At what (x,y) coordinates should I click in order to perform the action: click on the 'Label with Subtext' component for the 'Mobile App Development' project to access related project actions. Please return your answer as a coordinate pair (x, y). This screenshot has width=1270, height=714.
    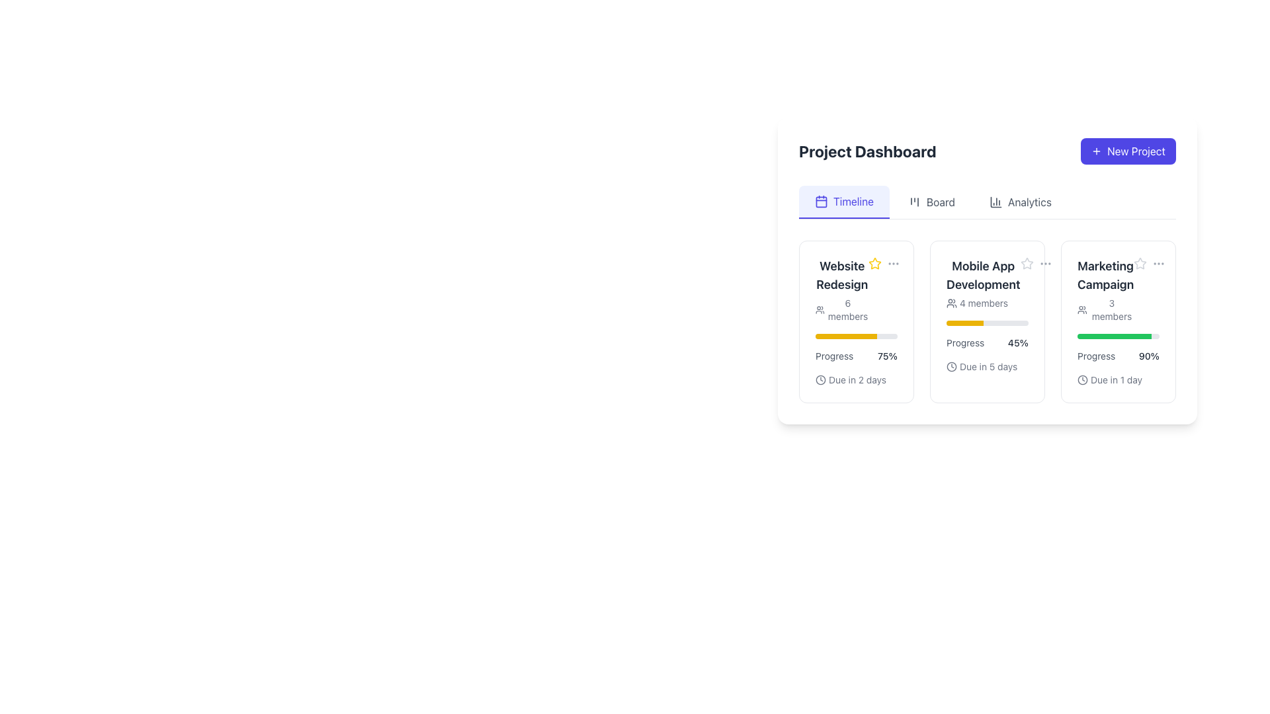
    Looking at the image, I should click on (983, 282).